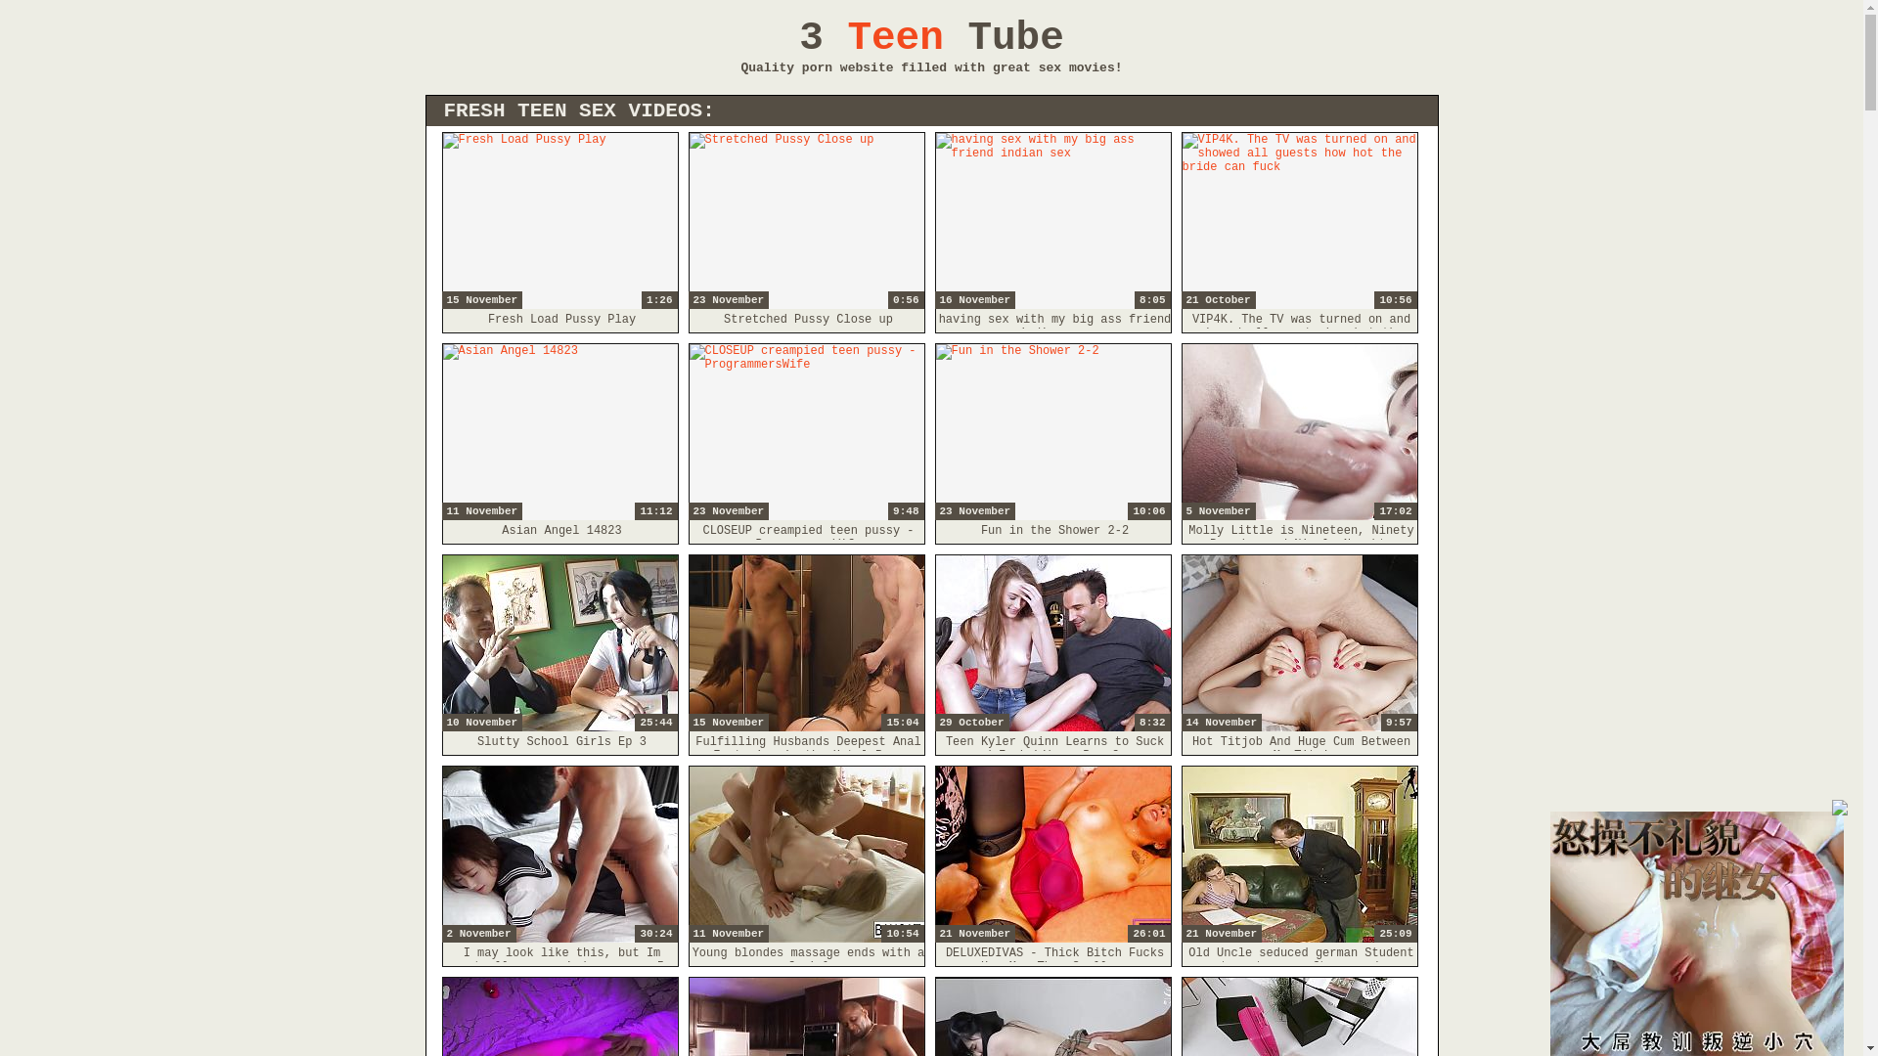  Describe the element at coordinates (933, 431) in the screenshot. I see `'10:06` at that location.